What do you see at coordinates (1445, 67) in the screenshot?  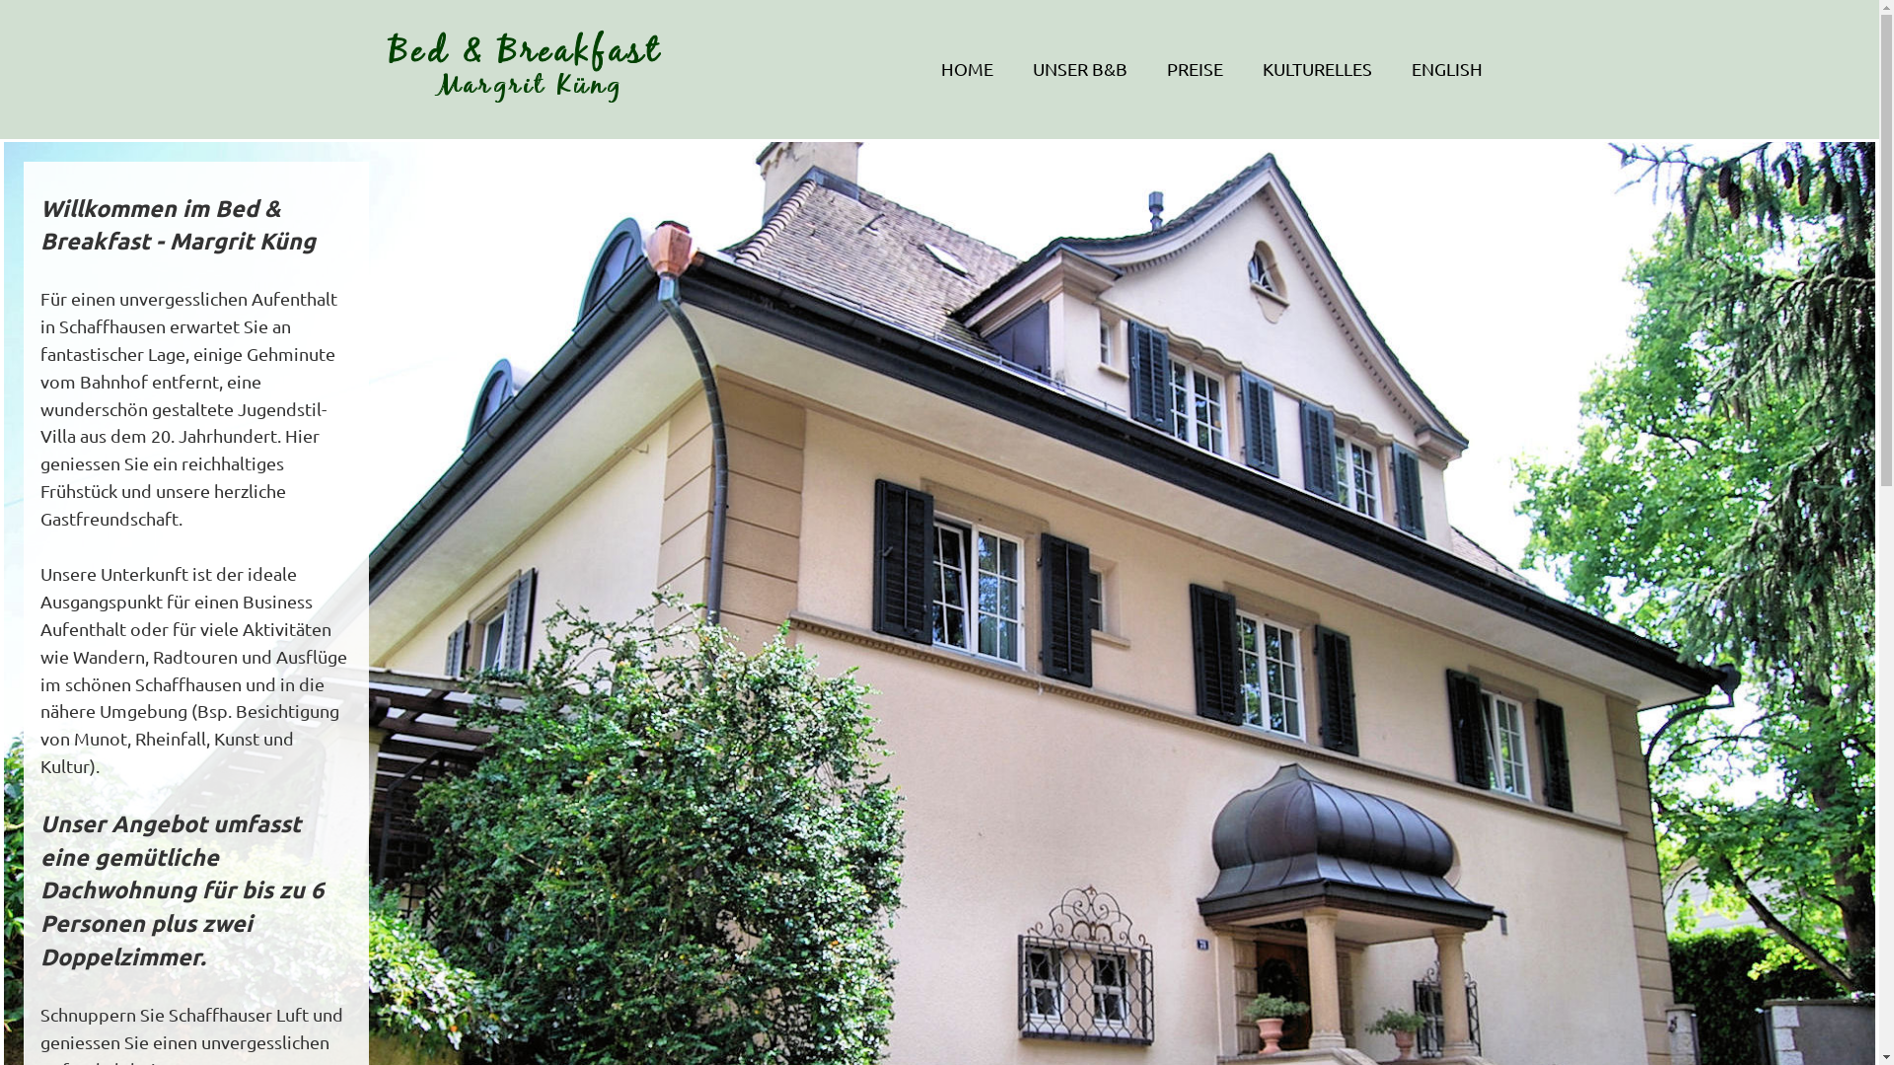 I see `'ENGLISH'` at bounding box center [1445, 67].